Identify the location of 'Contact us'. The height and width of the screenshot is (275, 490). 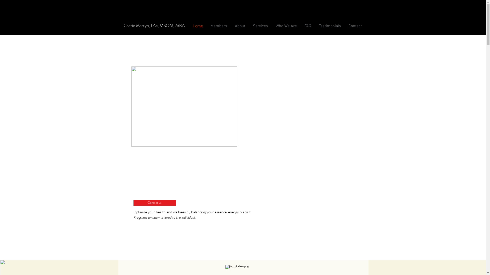
(154, 202).